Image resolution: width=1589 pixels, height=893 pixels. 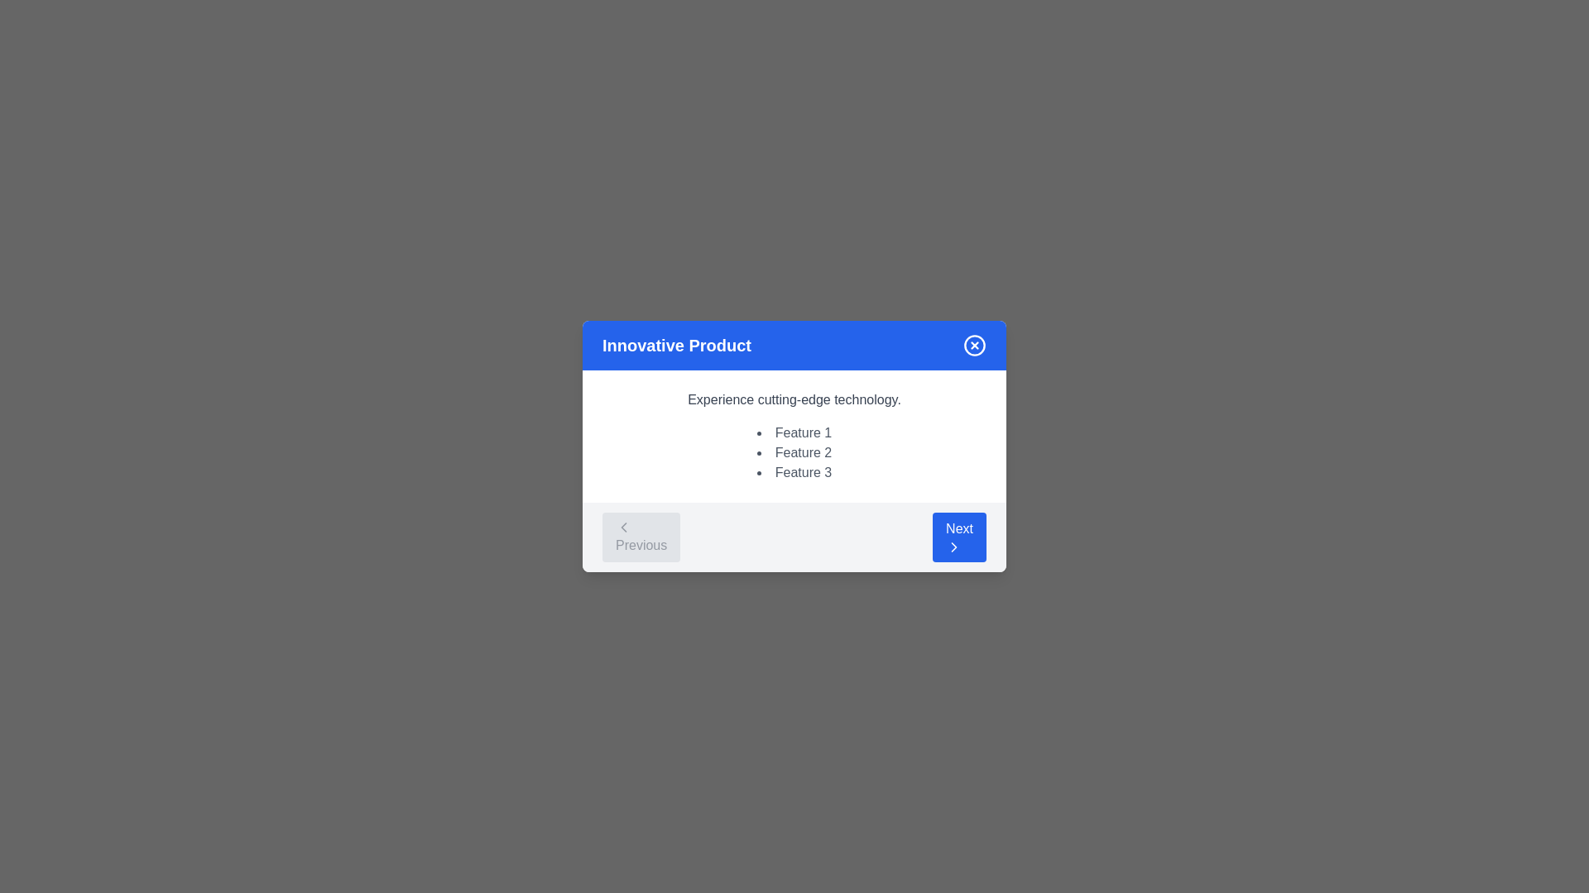 What do you see at coordinates (953, 547) in the screenshot?
I see `the forward action icon located inside the blue 'Next' button at the bottom-right of the modal dialog` at bounding box center [953, 547].